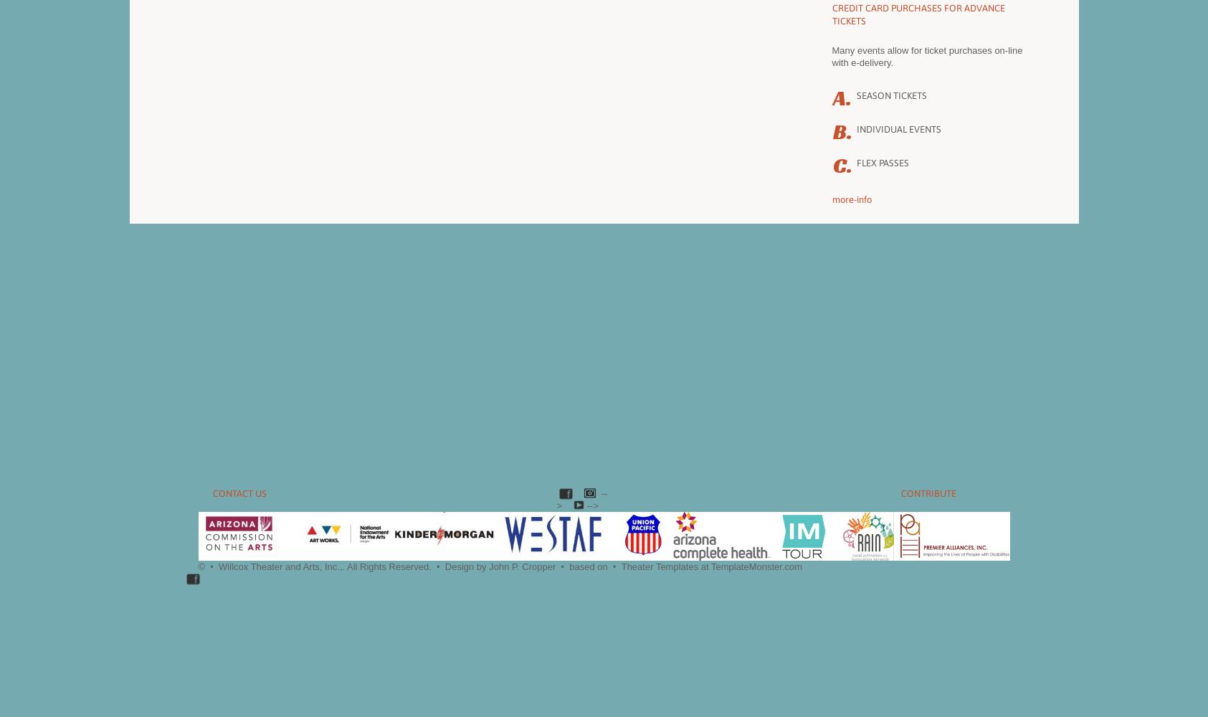 The height and width of the screenshot is (717, 1208). What do you see at coordinates (891, 95) in the screenshot?
I see `'Season Tickets'` at bounding box center [891, 95].